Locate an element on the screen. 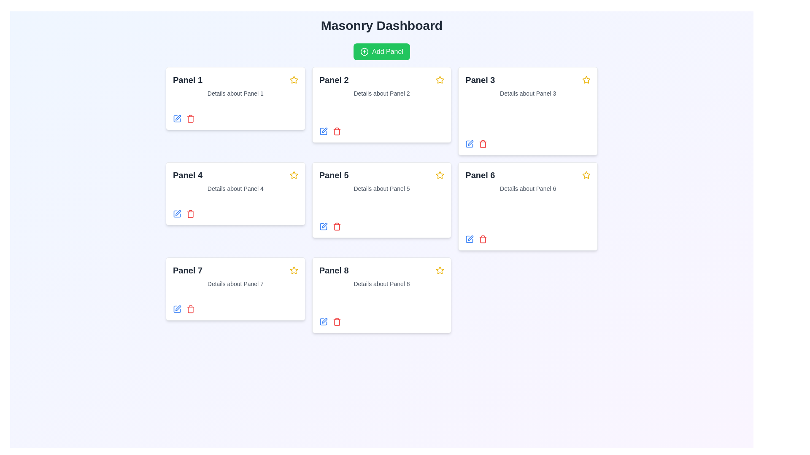  the bold text label displaying 'Panel 4', which is styled in dark gray and located in the upper-left region of its card element is located at coordinates (187, 175).